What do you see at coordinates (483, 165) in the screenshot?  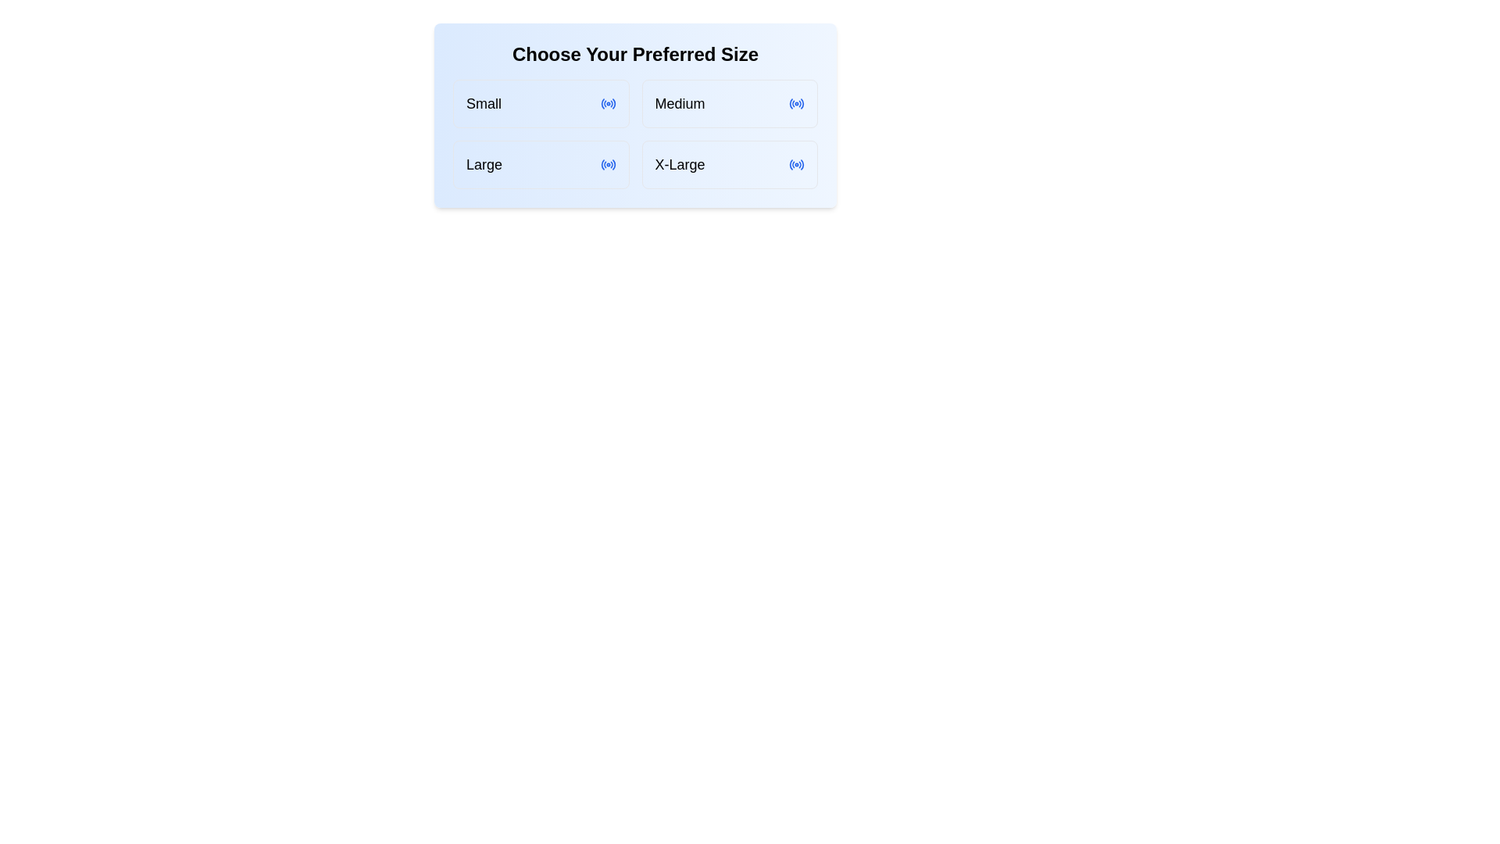 I see `the Text label indicating the size option for selection within the sizing preference UI for accessibility information` at bounding box center [483, 165].